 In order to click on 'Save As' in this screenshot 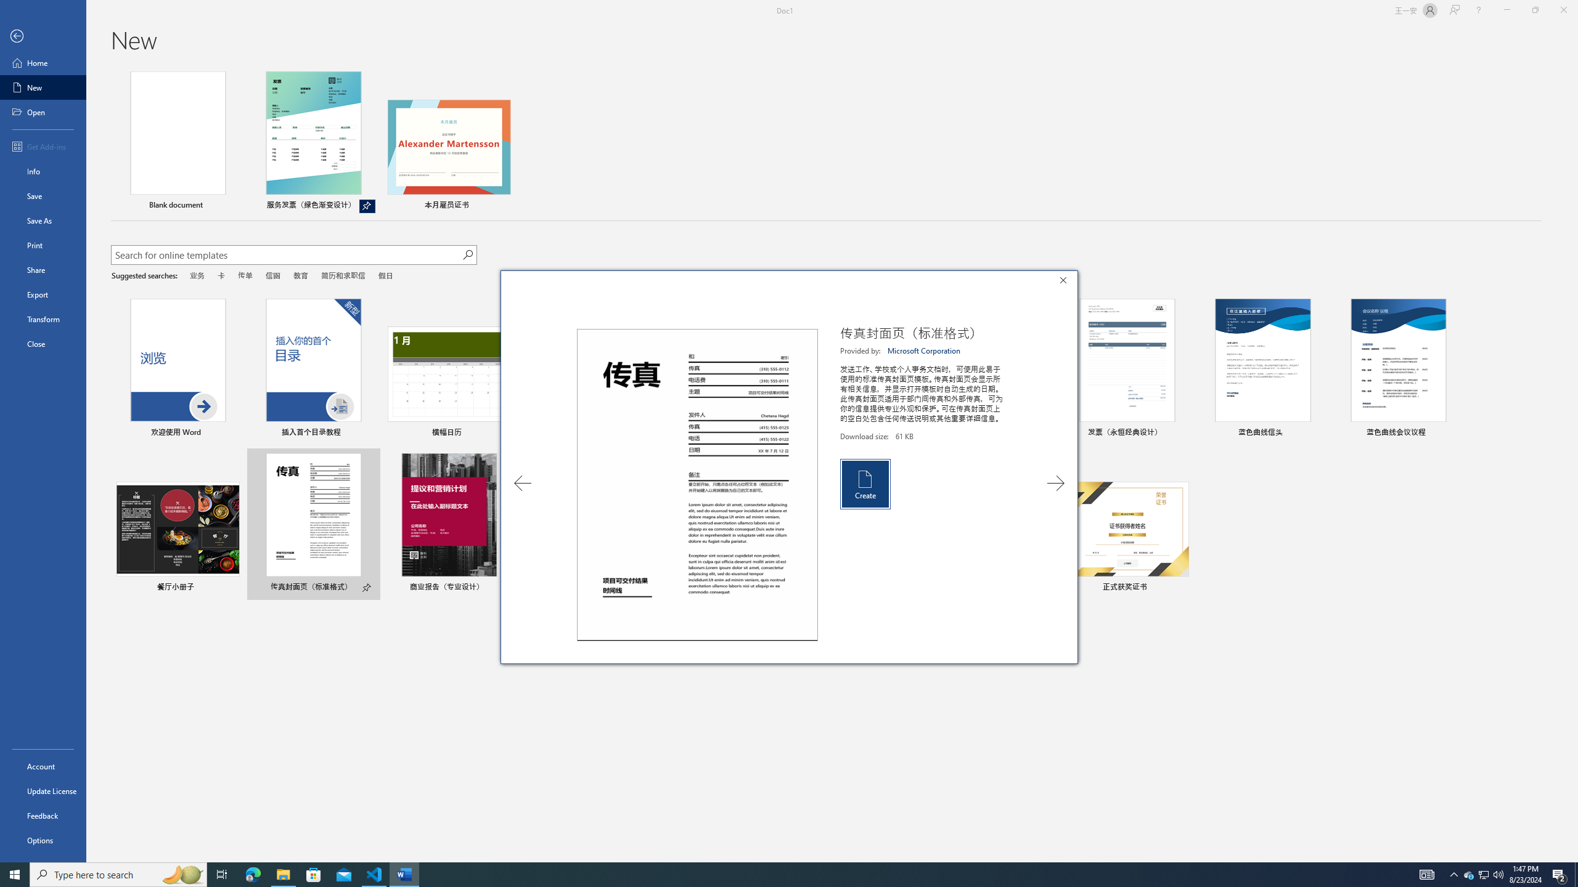, I will do `click(43, 219)`.